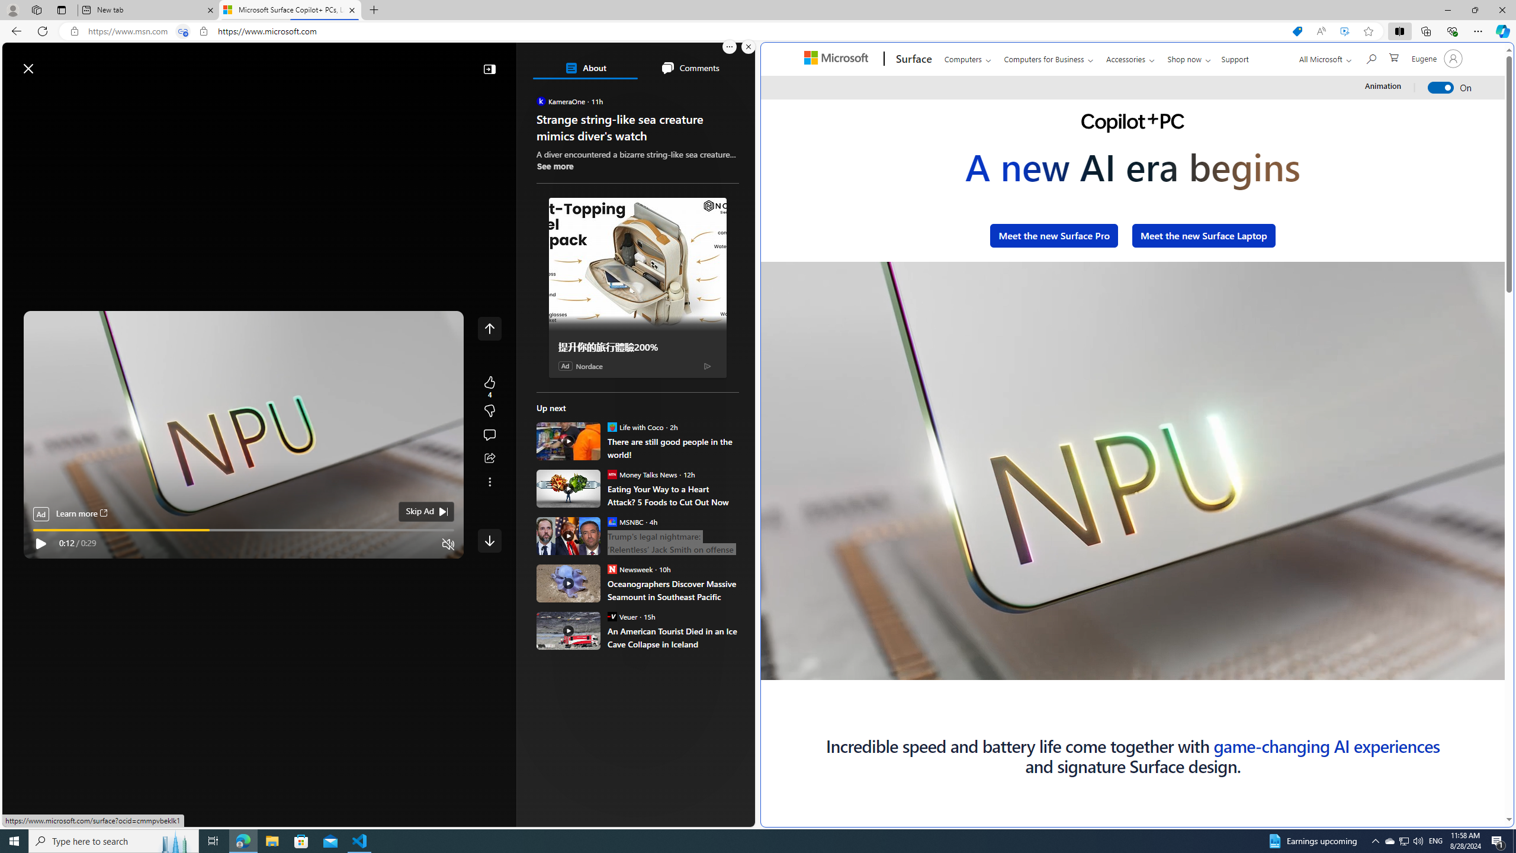 The width and height of the screenshot is (1516, 853). What do you see at coordinates (611, 521) in the screenshot?
I see `'MSNBC'` at bounding box center [611, 521].